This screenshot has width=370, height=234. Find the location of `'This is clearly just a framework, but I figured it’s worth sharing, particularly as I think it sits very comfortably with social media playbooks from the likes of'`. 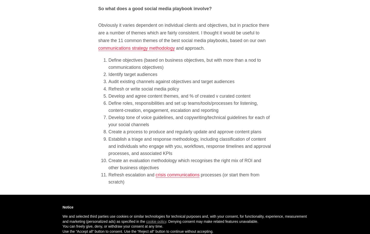

'This is clearly just a framework, but I figured it’s worth sharing, particularly as I think it sits very comfortably with social media playbooks from the likes of' is located at coordinates (182, 202).